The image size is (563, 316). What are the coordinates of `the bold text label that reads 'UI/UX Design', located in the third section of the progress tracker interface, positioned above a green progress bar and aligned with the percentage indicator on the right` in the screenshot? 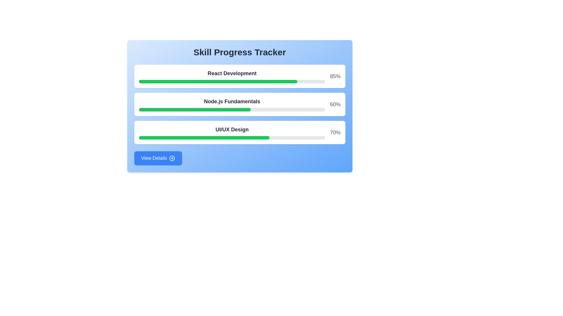 It's located at (232, 129).